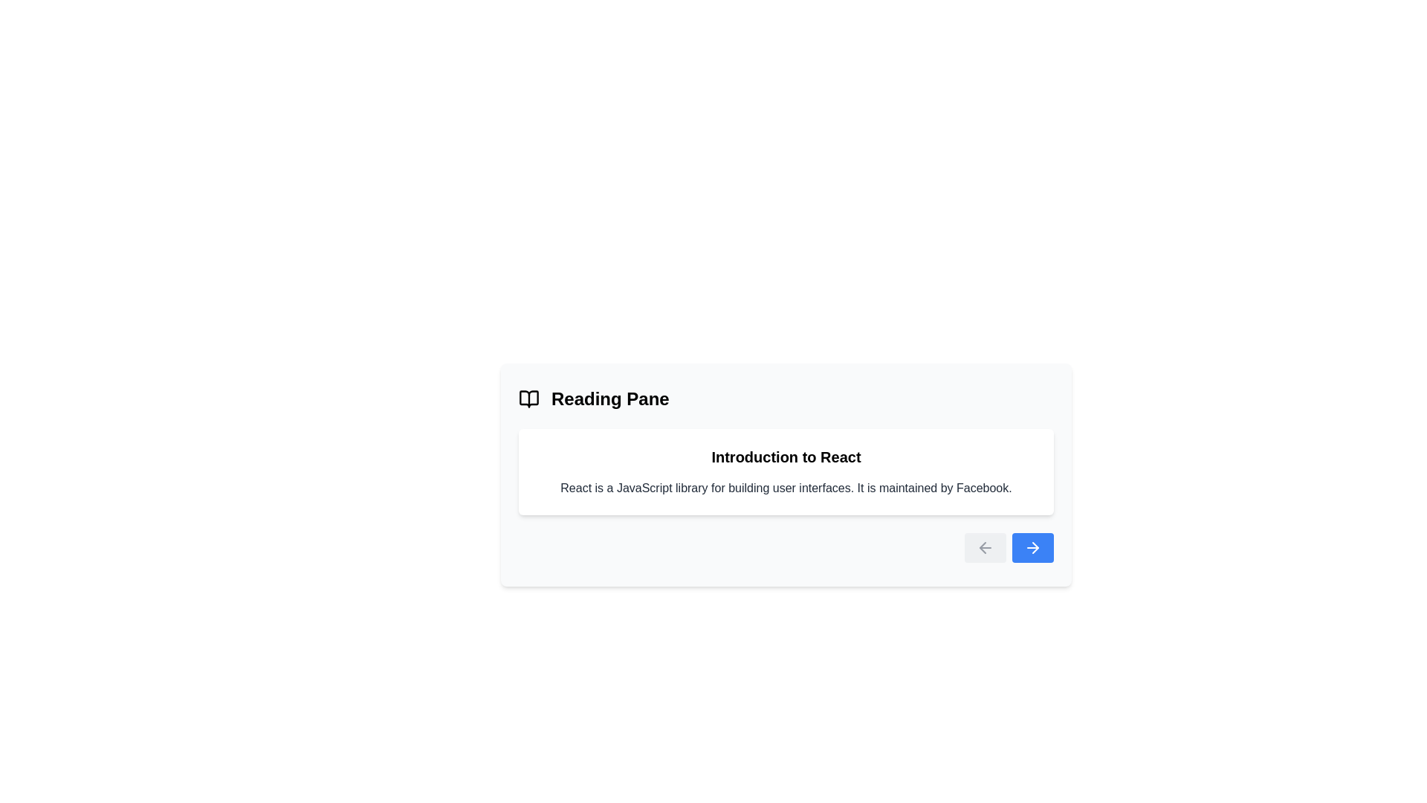  Describe the element at coordinates (528, 398) in the screenshot. I see `the decorative SVG icon representing the concept of reading, located to the left of the 'Reading Pane' title` at that location.